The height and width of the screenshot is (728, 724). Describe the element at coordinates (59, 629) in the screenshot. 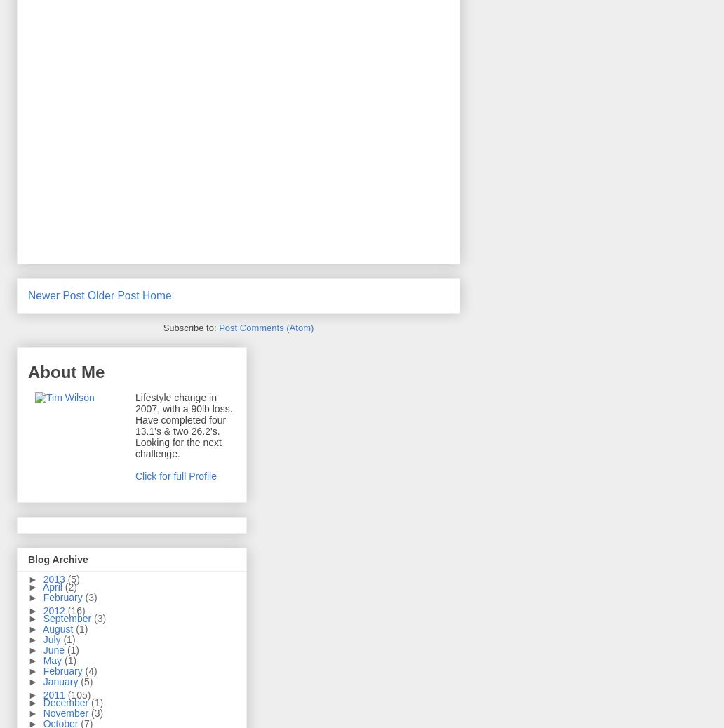

I see `'August'` at that location.